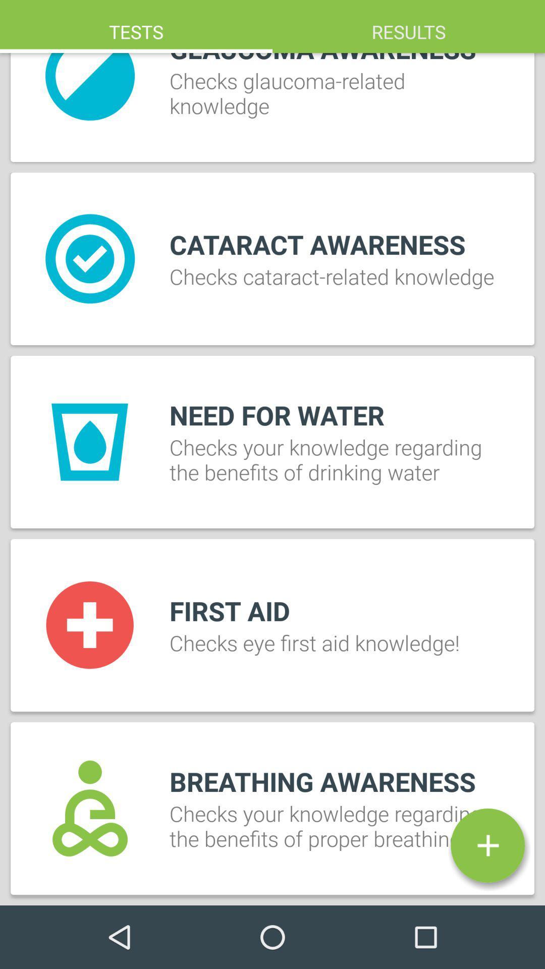 This screenshot has height=969, width=545. I want to click on the icon next to results, so click(136, 26).